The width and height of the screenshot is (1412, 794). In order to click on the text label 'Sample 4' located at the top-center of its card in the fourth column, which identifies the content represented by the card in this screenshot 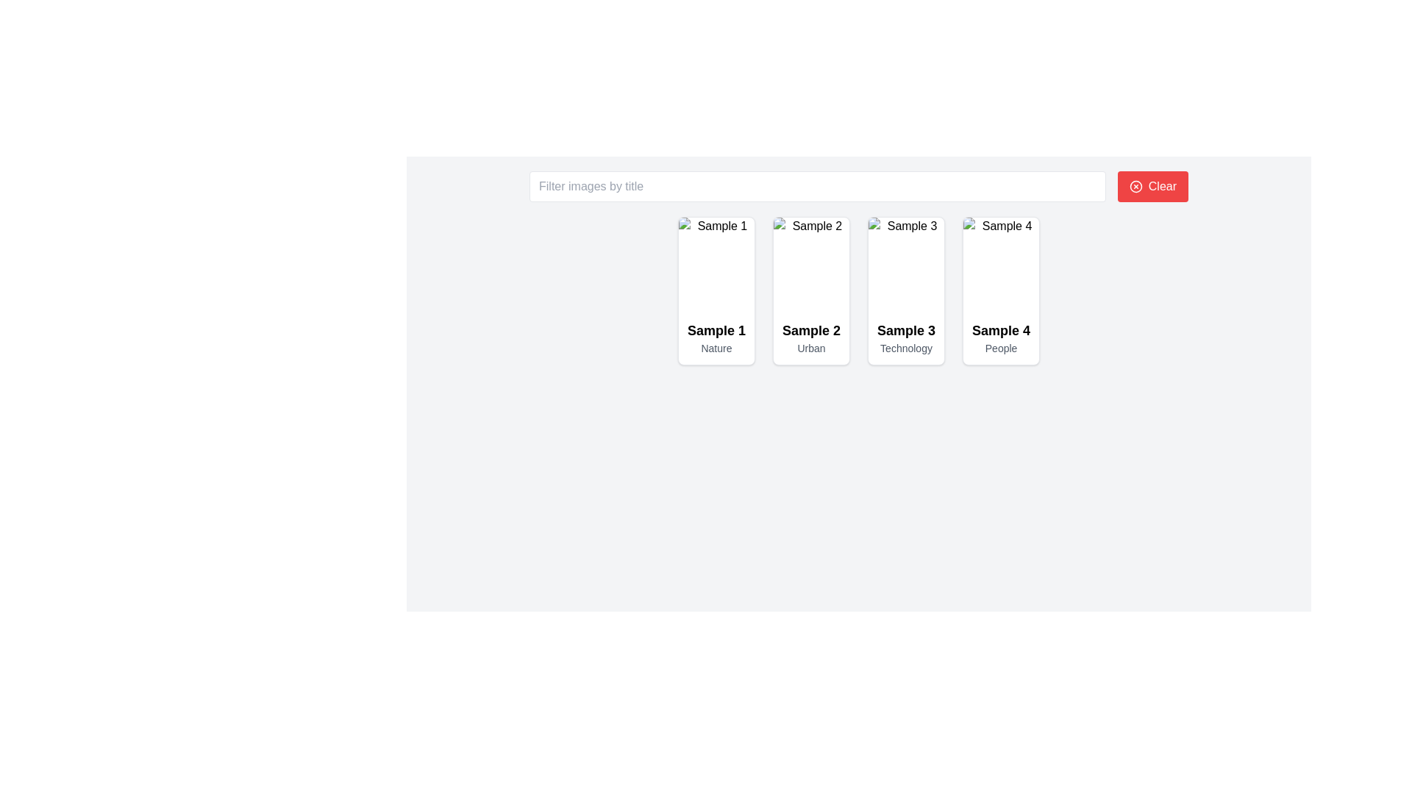, I will do `click(1000, 331)`.